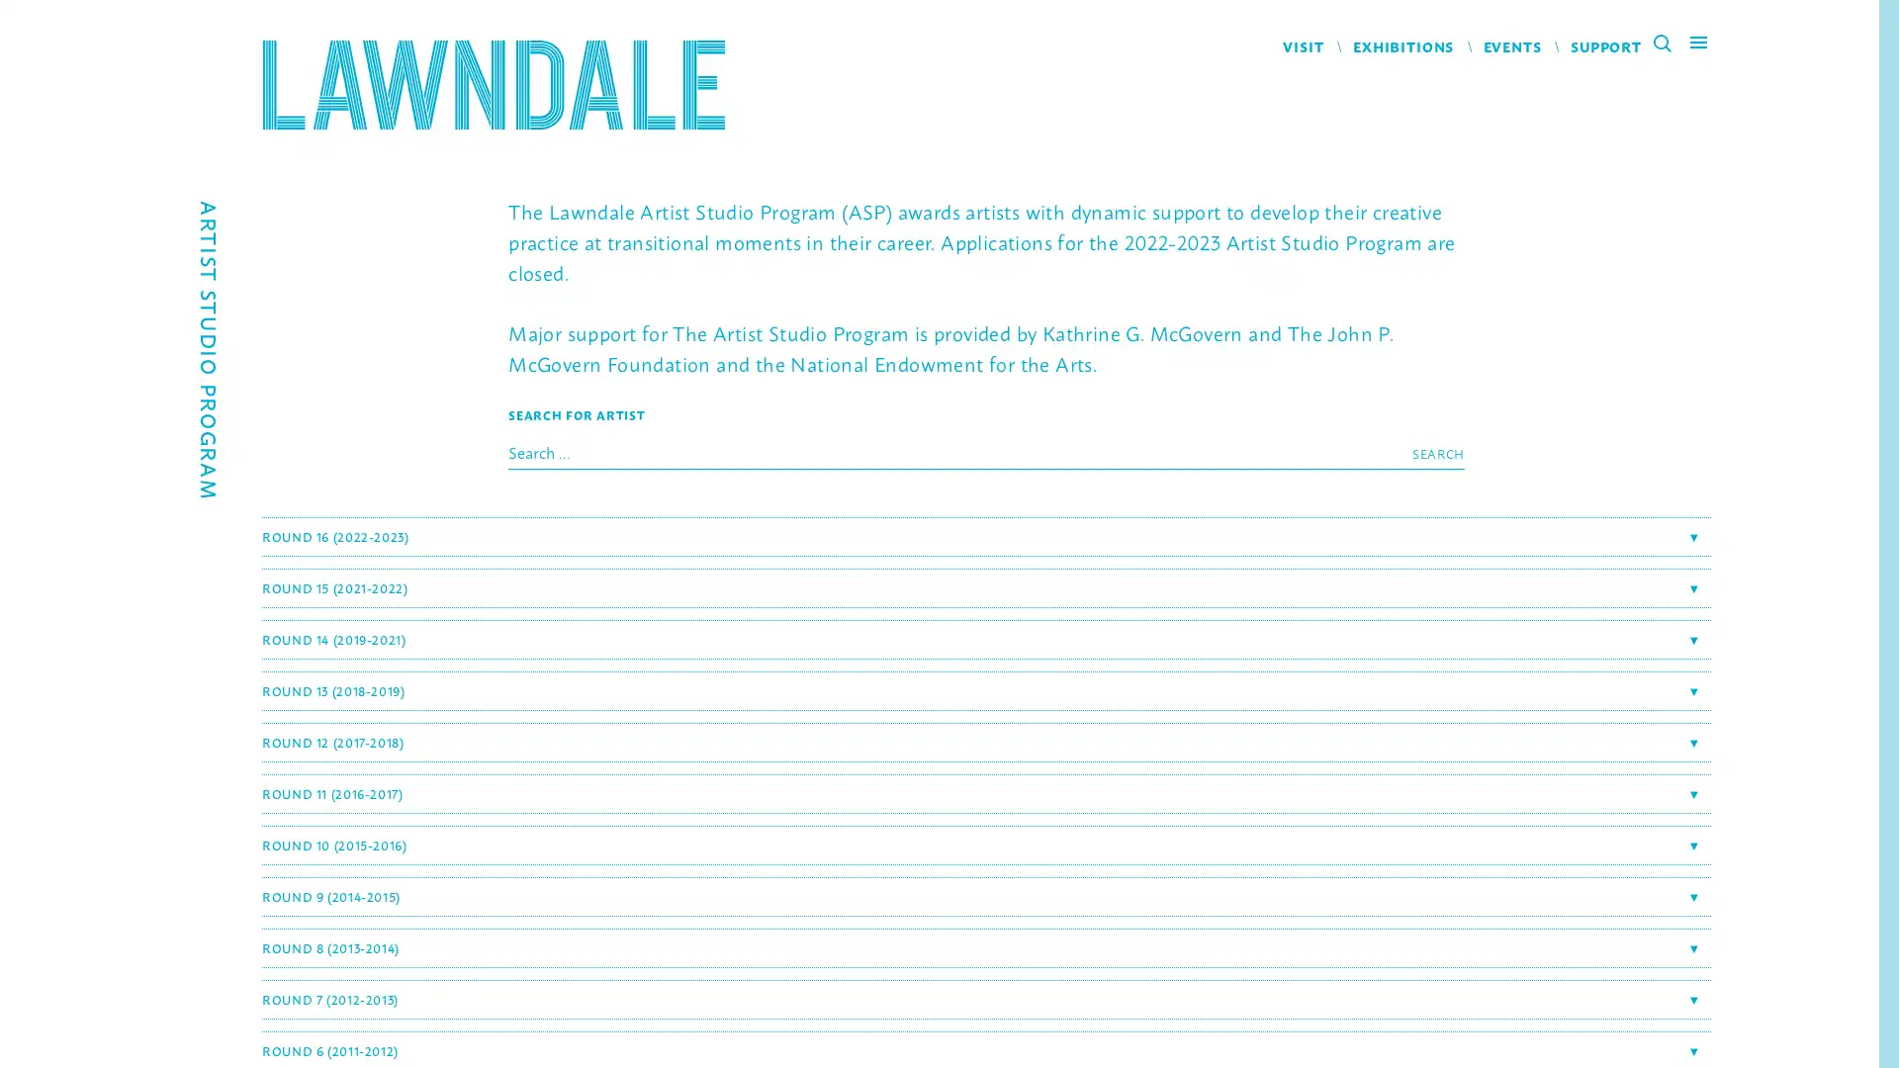  What do you see at coordinates (1434, 454) in the screenshot?
I see `Search` at bounding box center [1434, 454].